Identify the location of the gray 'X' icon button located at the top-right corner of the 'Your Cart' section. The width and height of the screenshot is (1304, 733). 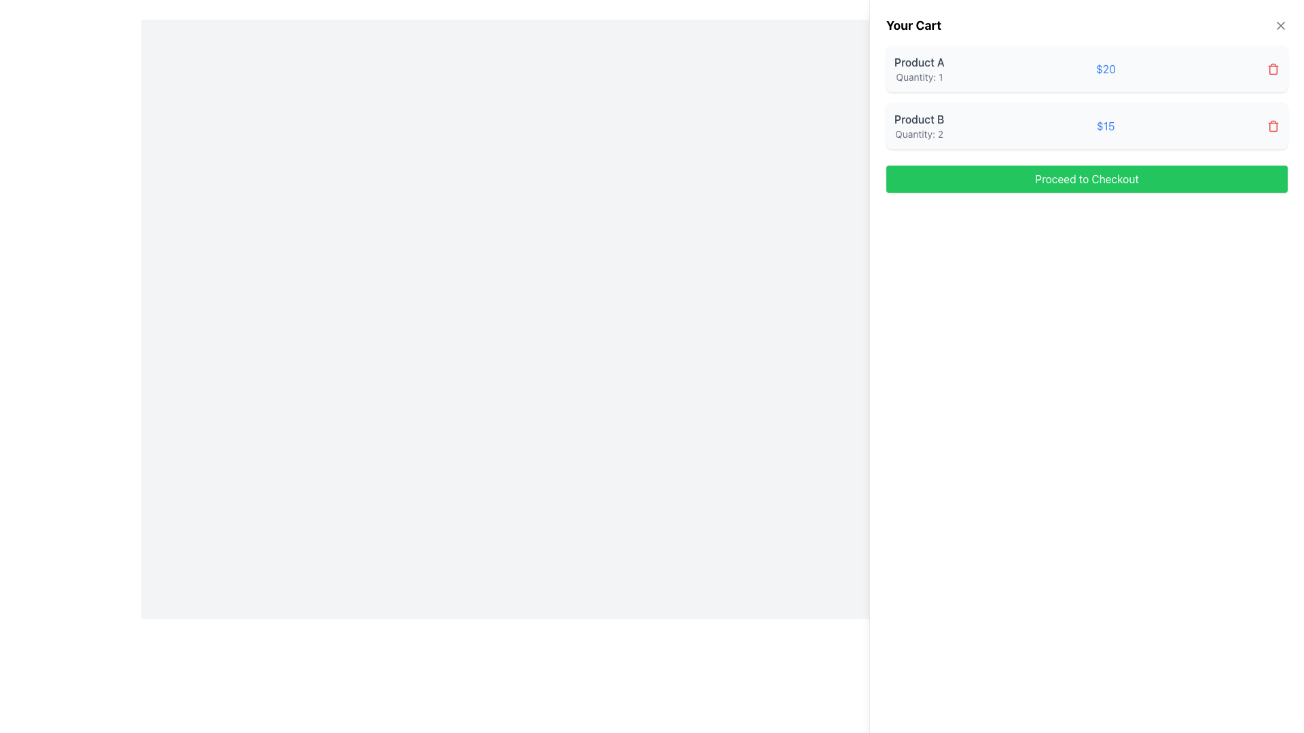
(1280, 26).